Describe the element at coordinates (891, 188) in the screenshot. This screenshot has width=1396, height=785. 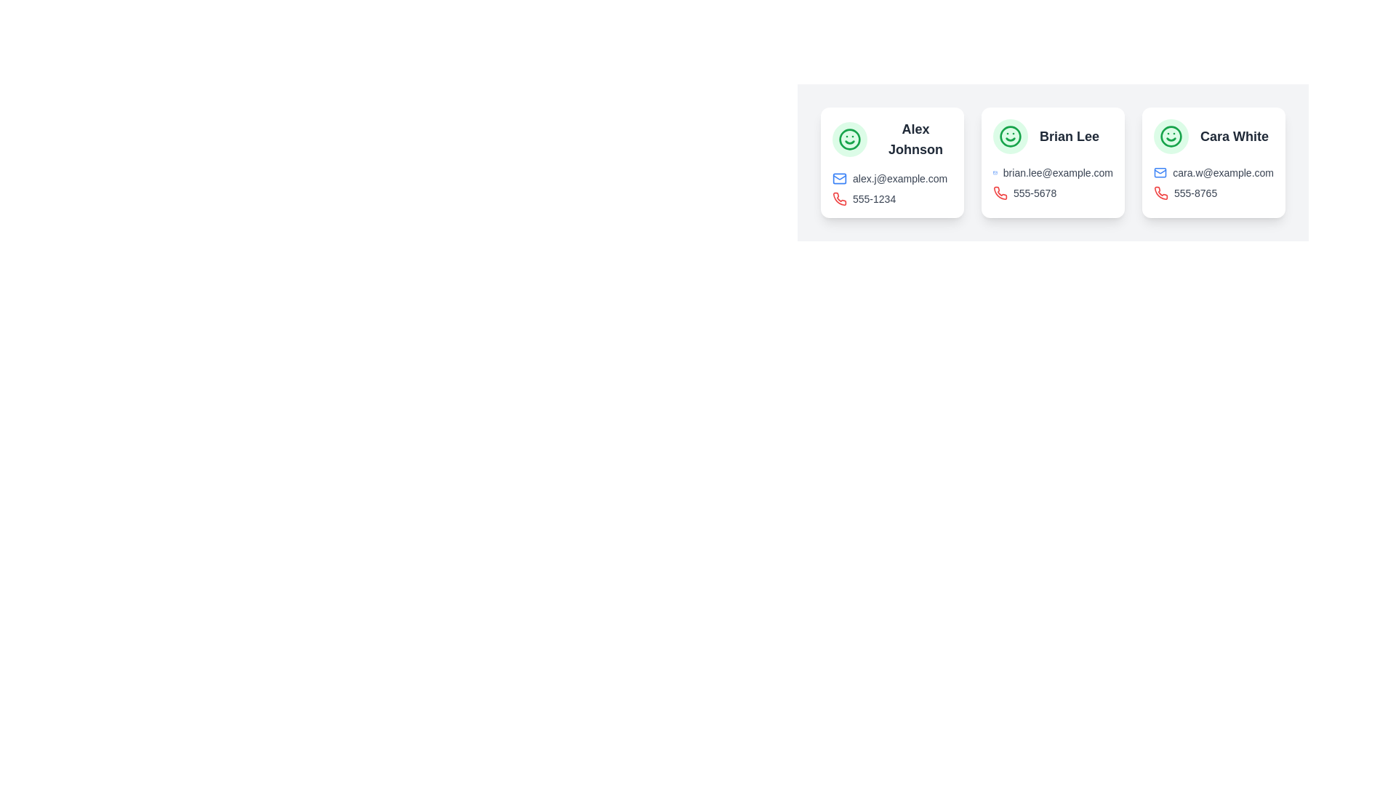
I see `the email icon in the Information display for user 'Alex Johnson'` at that location.